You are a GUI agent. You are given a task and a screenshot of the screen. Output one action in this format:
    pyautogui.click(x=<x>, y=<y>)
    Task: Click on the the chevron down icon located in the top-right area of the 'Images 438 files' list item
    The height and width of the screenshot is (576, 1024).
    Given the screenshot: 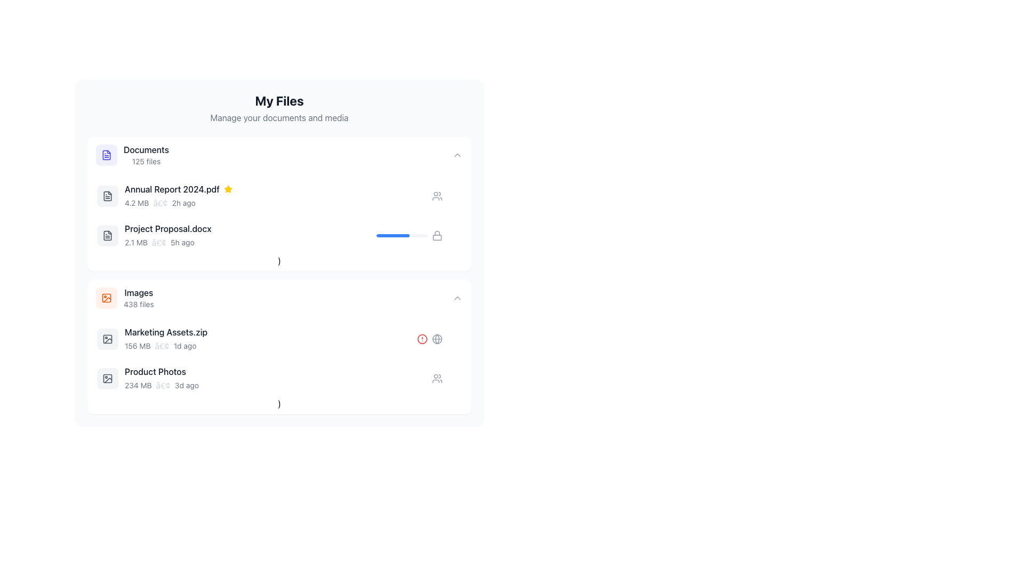 What is the action you would take?
    pyautogui.click(x=458, y=298)
    